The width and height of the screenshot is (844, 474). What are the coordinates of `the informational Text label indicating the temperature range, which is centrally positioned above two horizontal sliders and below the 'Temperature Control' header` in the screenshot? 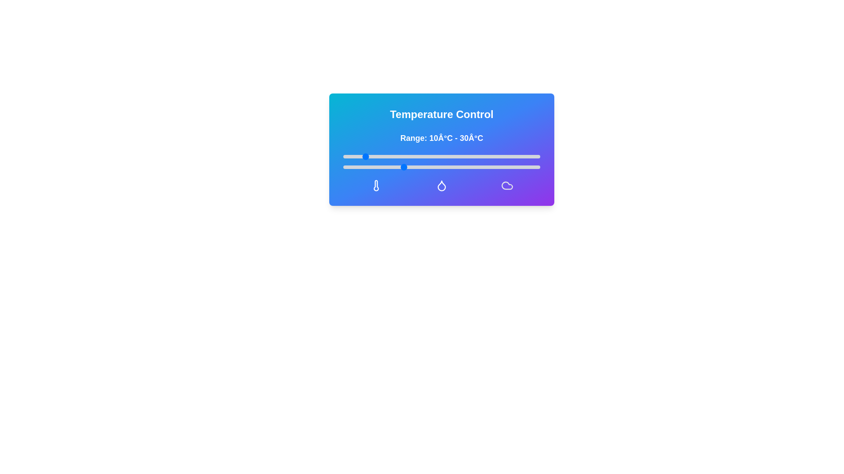 It's located at (441, 138).